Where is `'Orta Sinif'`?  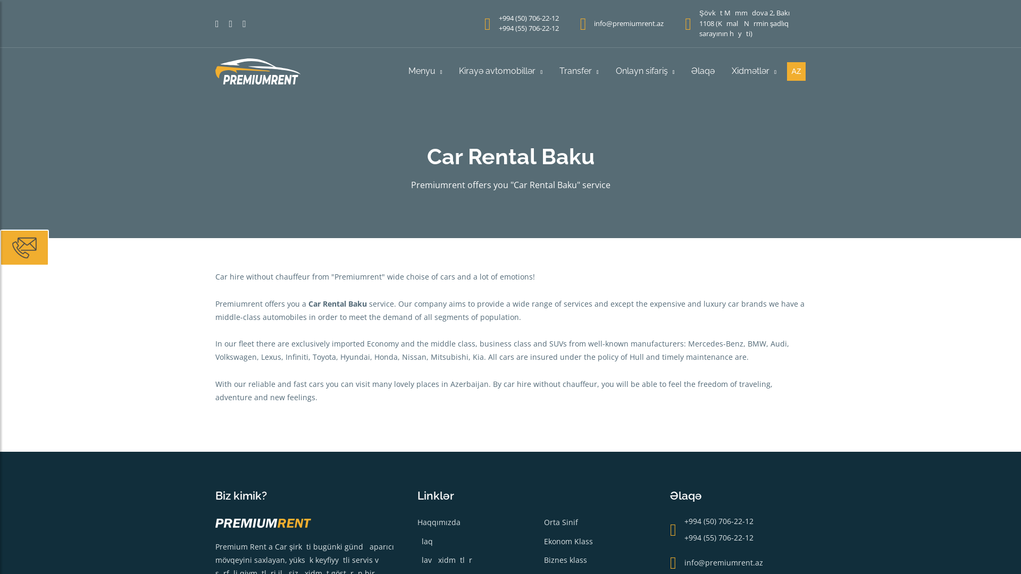
'Orta Sinif' is located at coordinates (560, 521).